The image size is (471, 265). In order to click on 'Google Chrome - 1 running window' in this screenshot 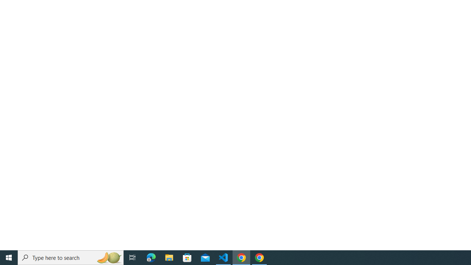, I will do `click(259, 257)`.